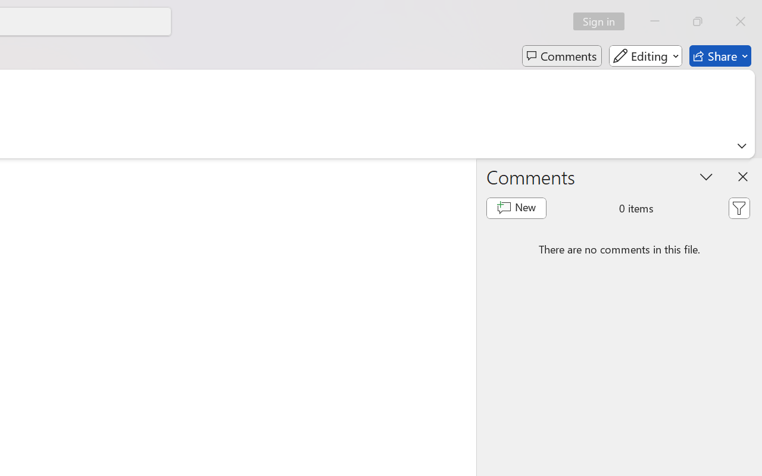 This screenshot has height=476, width=762. I want to click on 'New comment', so click(516, 208).